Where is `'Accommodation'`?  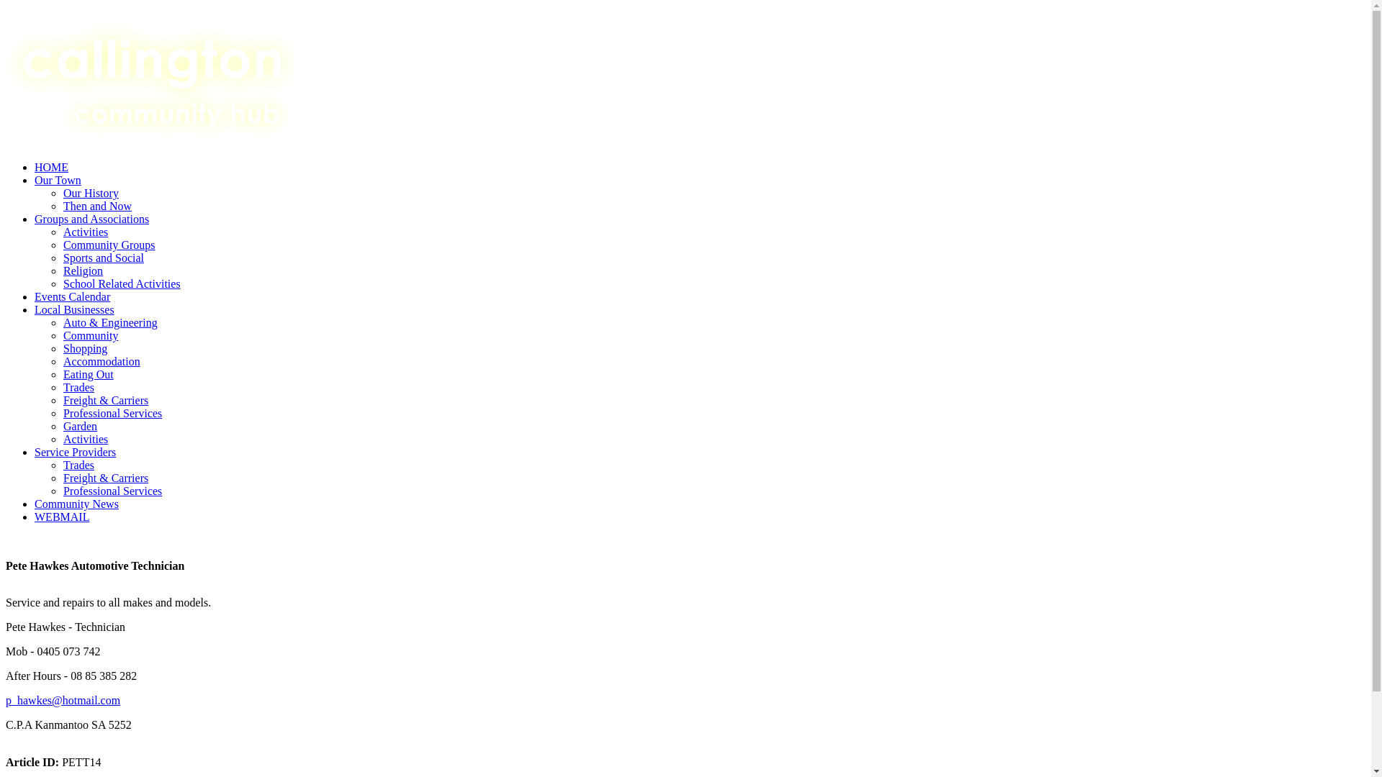
'Accommodation' is located at coordinates (101, 360).